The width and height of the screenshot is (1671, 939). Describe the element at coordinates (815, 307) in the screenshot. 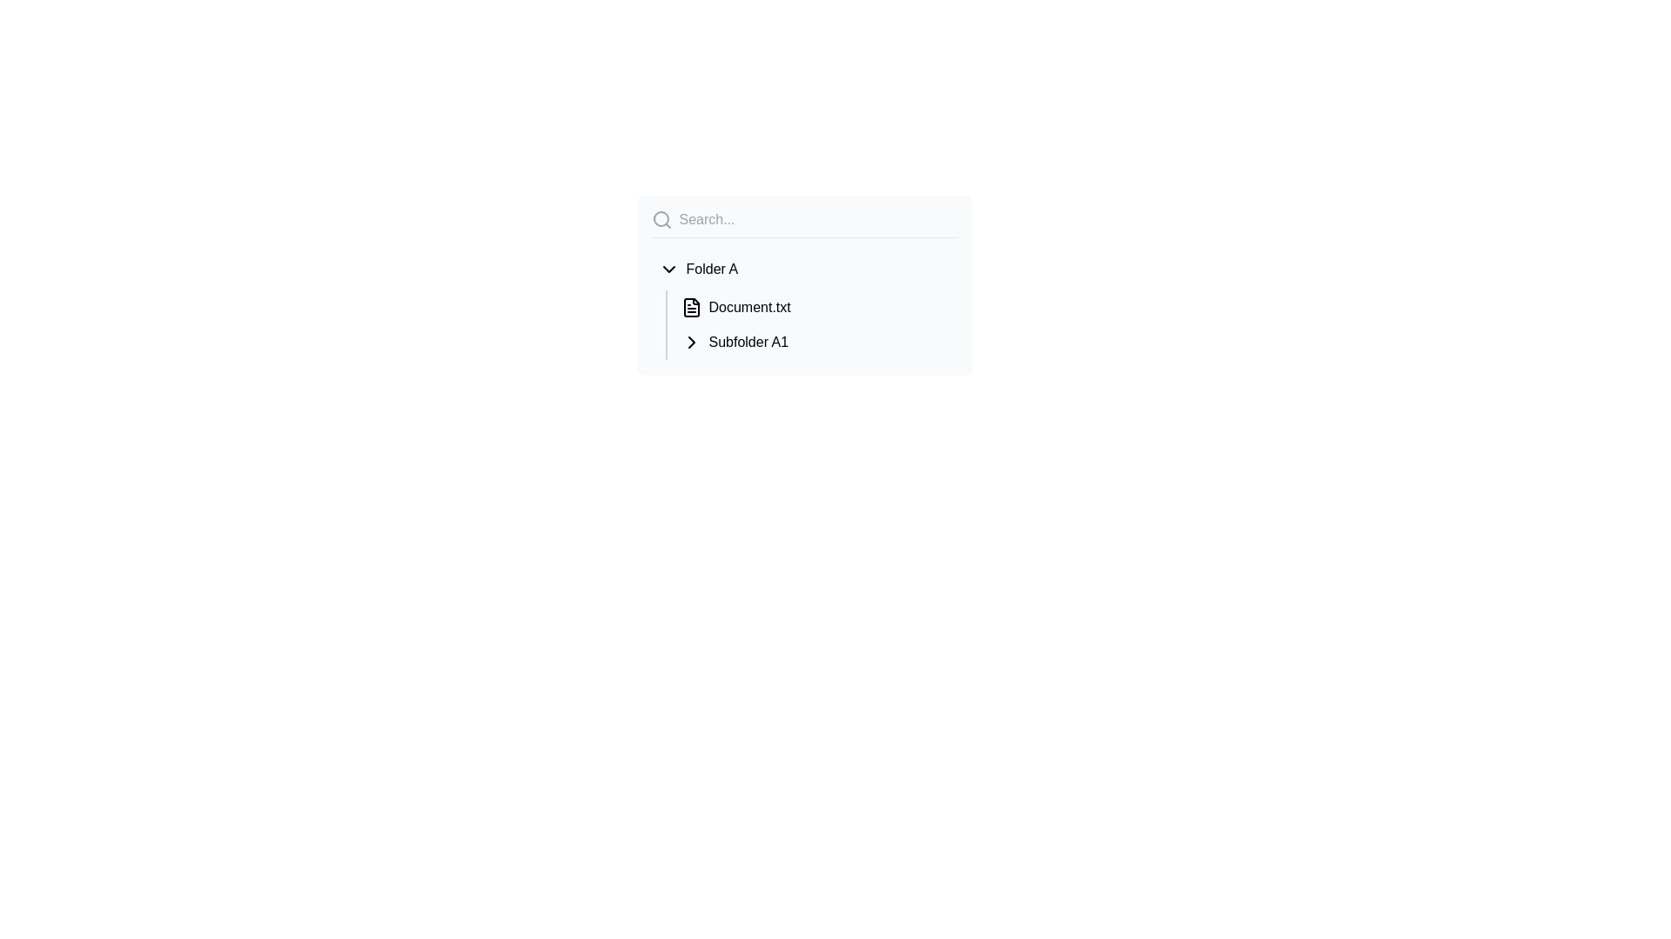

I see `the file entry 'Document.txt'` at that location.